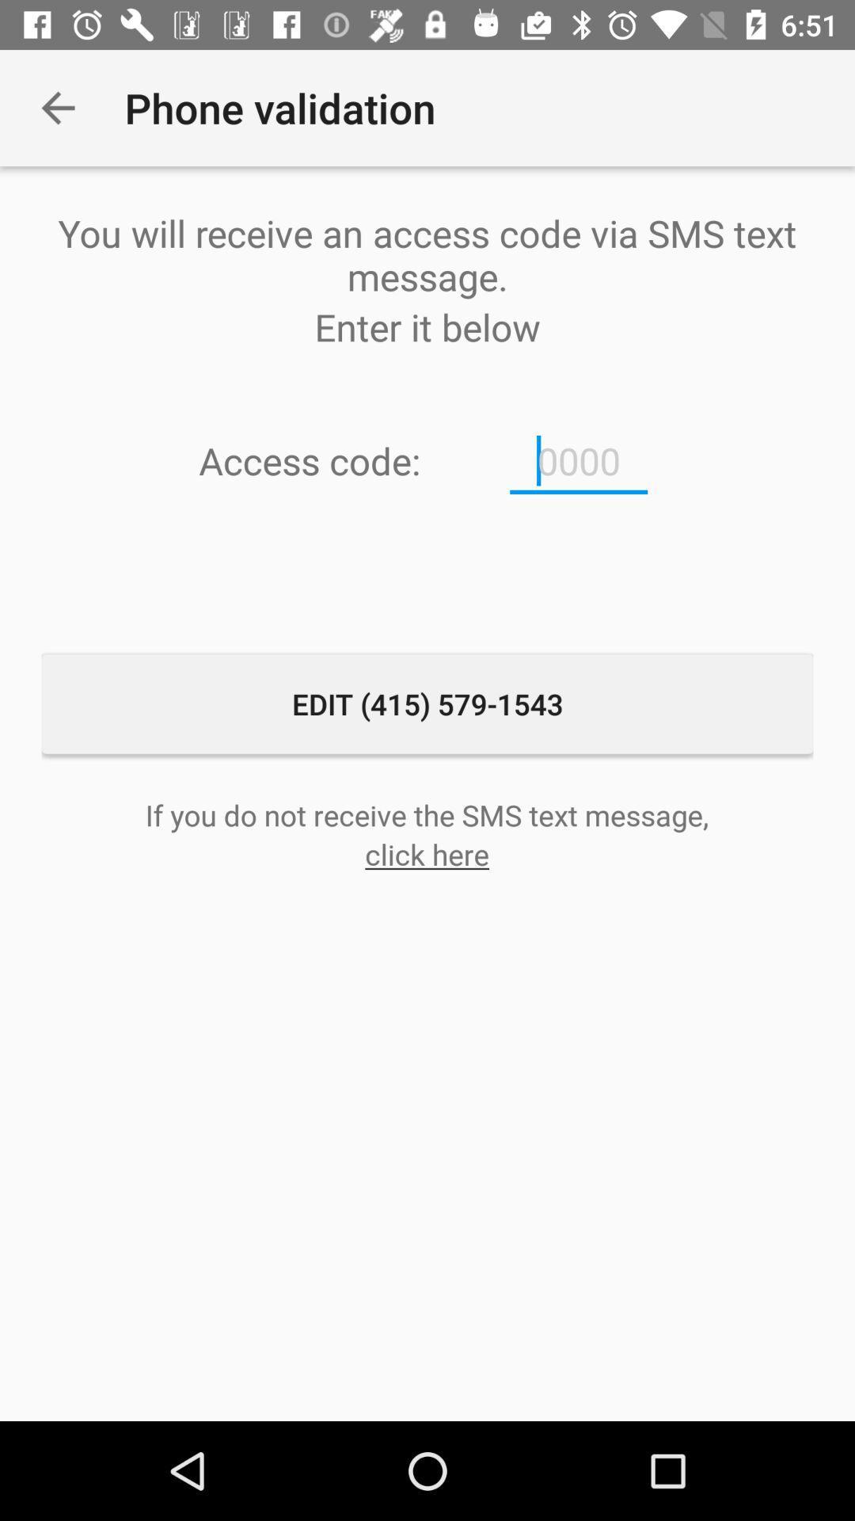 The height and width of the screenshot is (1521, 855). Describe the element at coordinates (579, 460) in the screenshot. I see `item below enter it below icon` at that location.